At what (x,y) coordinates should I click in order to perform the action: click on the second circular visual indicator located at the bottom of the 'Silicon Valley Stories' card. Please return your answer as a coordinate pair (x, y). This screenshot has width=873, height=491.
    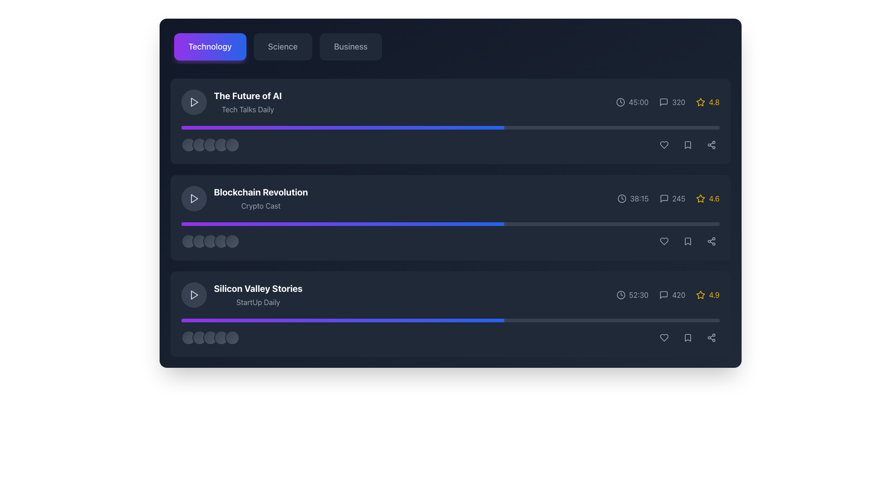
    Looking at the image, I should click on (199, 338).